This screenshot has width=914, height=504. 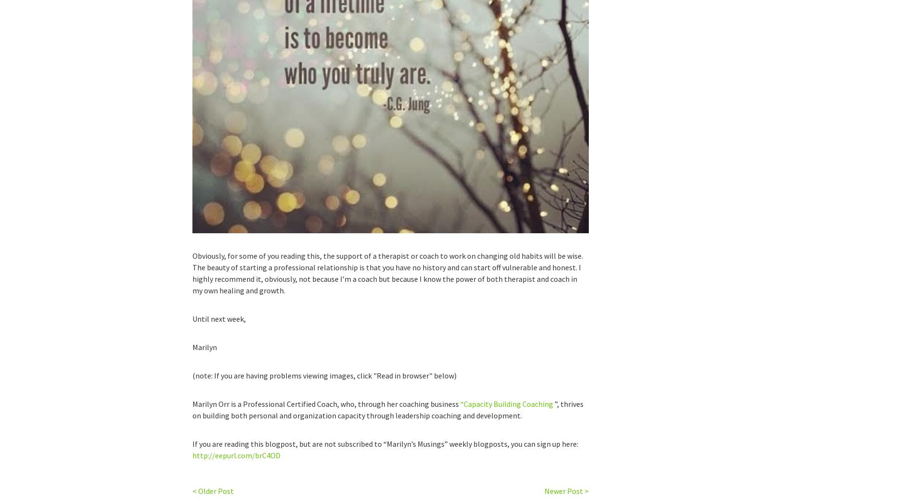 I want to click on '(note: If you are having problems viewing images, click "Read in browser" below)', so click(x=324, y=375).